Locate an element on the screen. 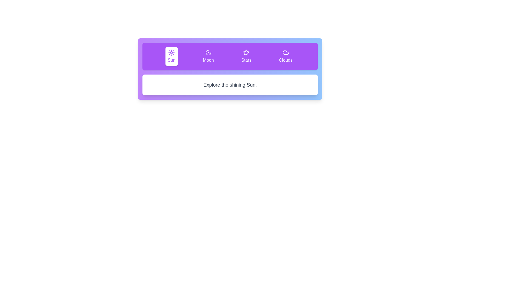 This screenshot has width=526, height=296. the 'Moon' button, which is the second button in a group of horizontally arranged buttons is located at coordinates (208, 56).